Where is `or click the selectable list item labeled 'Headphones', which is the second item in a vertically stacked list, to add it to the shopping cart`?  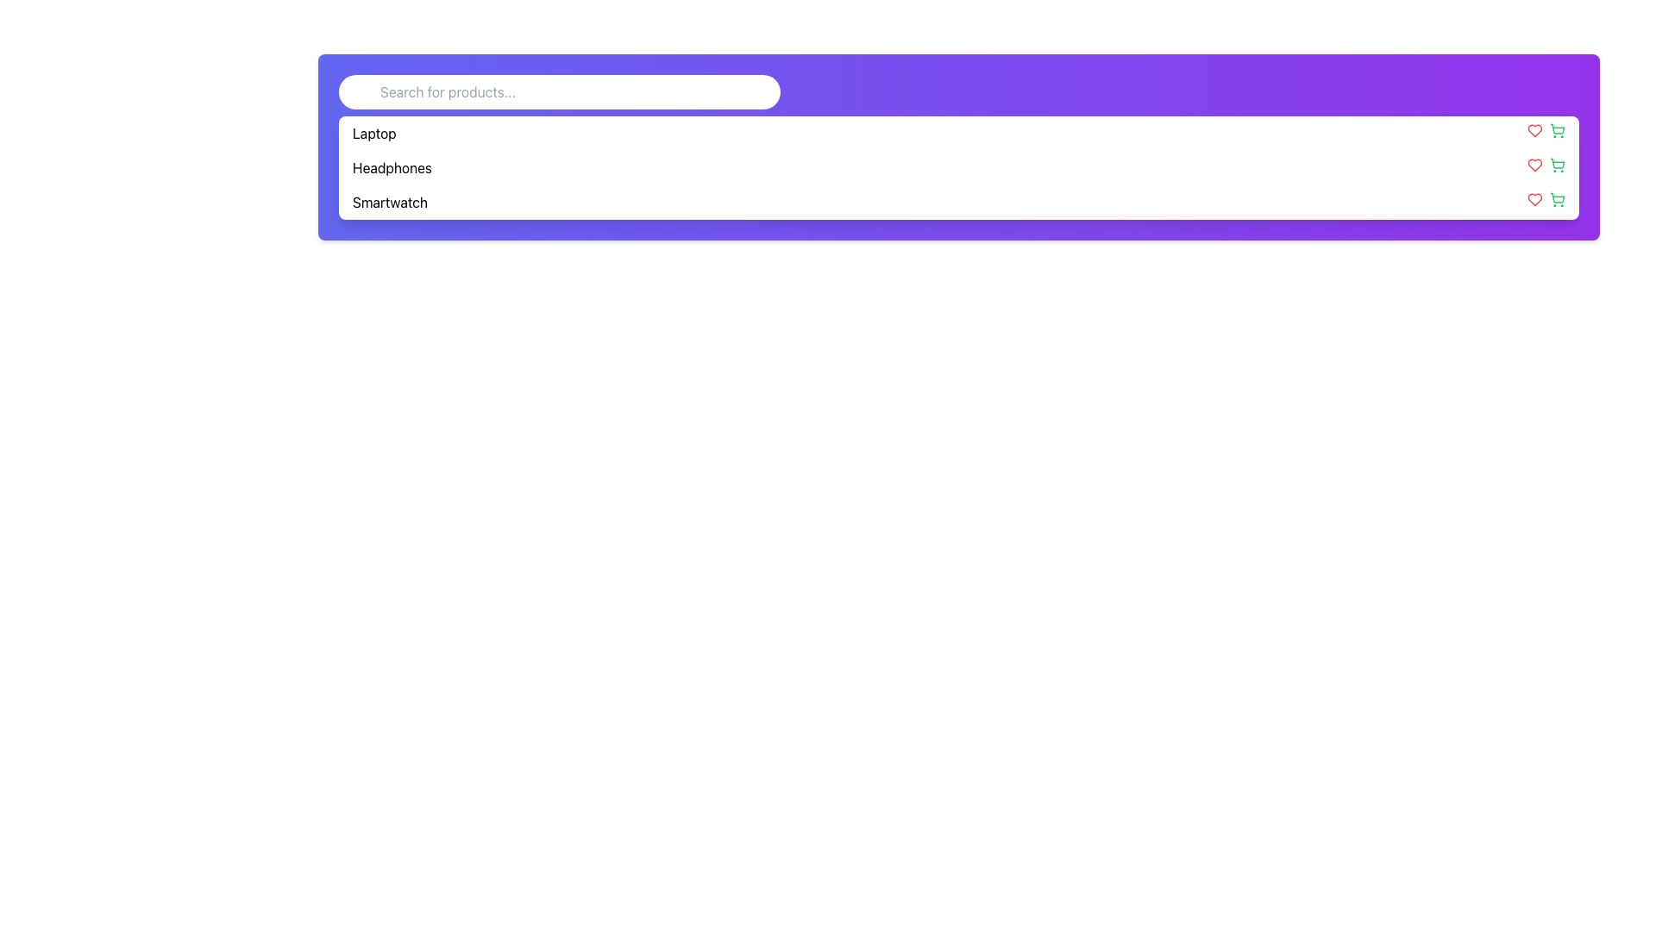
or click the selectable list item labeled 'Headphones', which is the second item in a vertically stacked list, to add it to the shopping cart is located at coordinates (958, 168).